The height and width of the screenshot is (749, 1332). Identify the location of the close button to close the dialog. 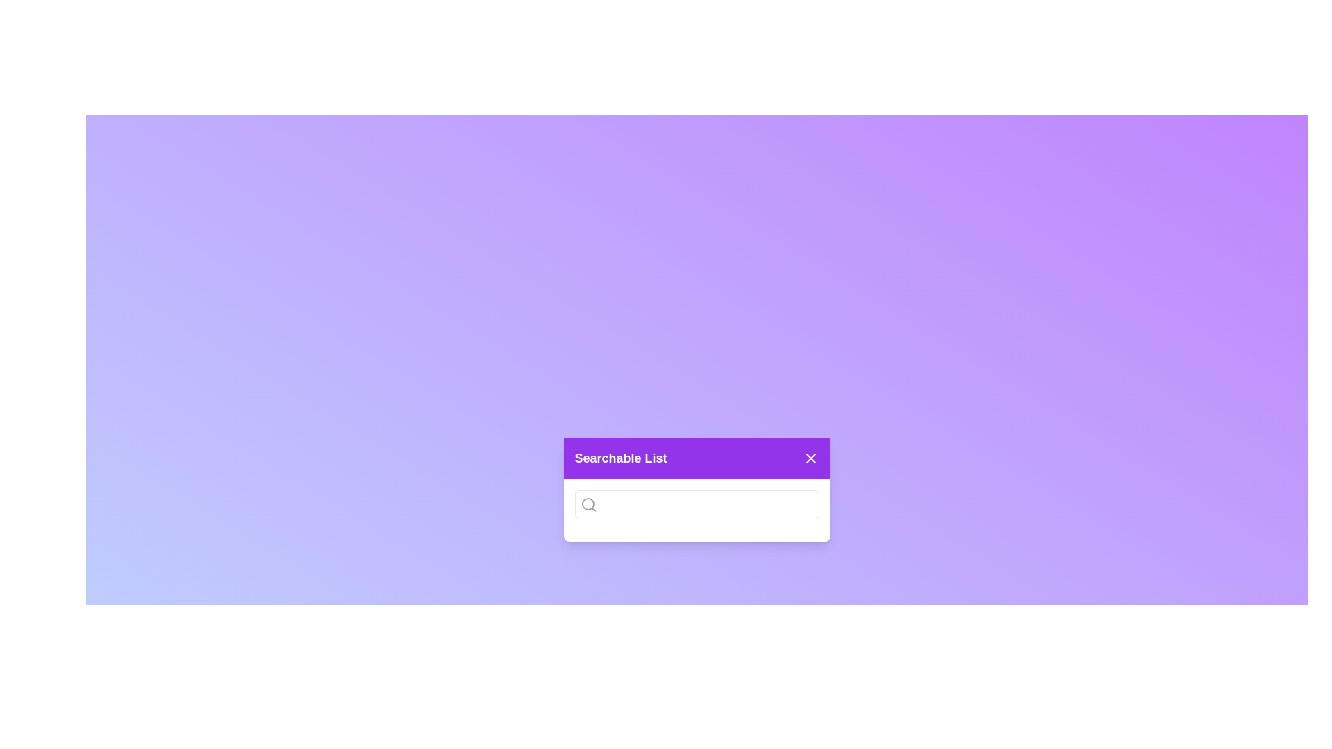
(810, 458).